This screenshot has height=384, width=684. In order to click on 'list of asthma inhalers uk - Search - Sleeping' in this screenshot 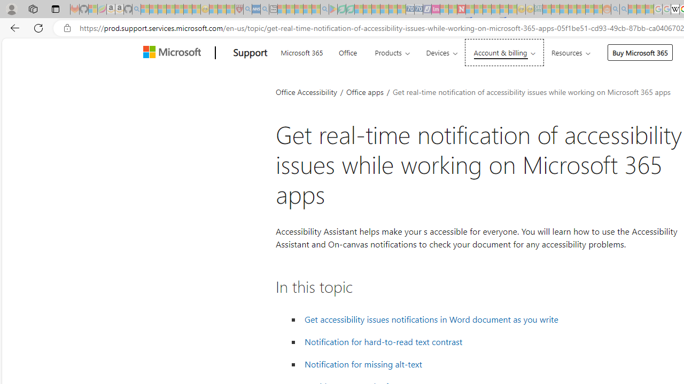, I will do `click(247, 9)`.